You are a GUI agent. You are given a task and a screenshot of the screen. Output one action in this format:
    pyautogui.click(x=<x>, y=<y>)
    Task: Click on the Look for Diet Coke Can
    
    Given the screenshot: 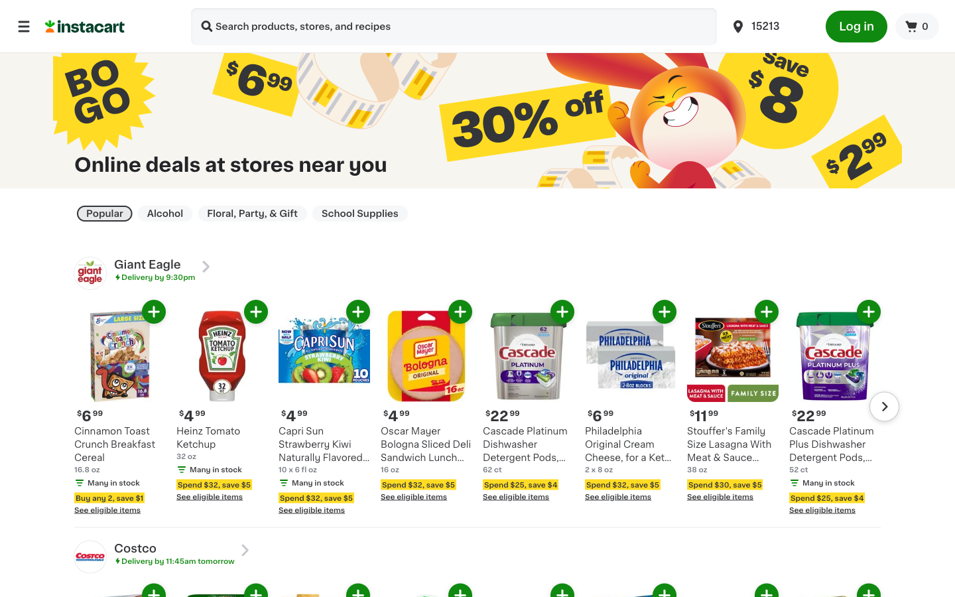 What is the action you would take?
    pyautogui.click(x=207, y=27)
    